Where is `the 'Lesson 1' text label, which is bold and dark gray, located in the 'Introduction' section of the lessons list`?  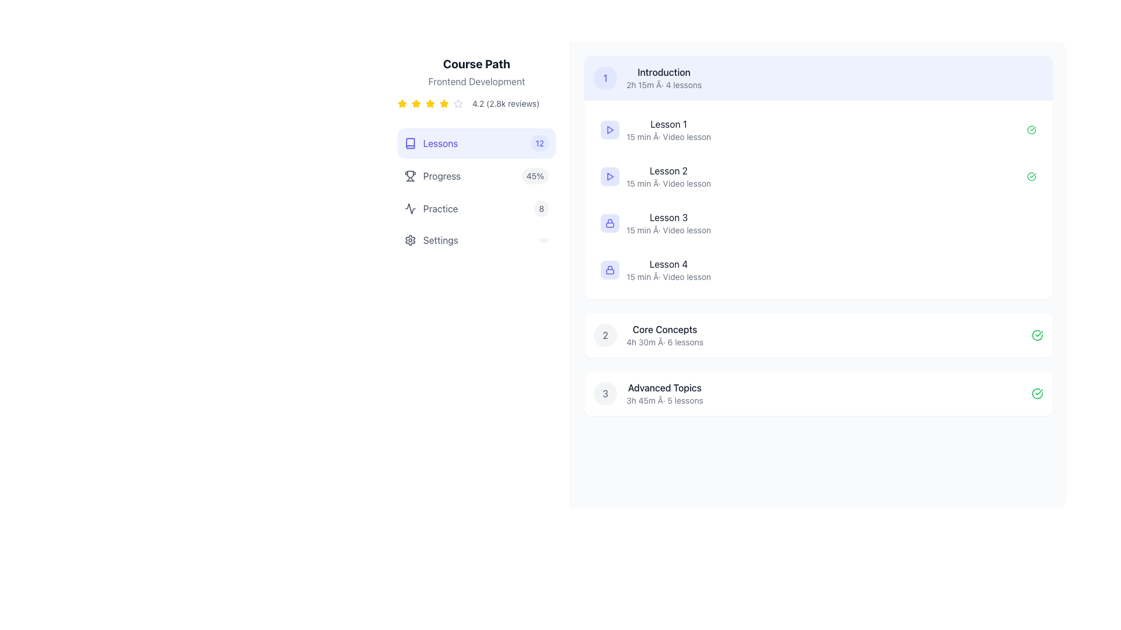
the 'Lesson 1' text label, which is bold and dark gray, located in the 'Introduction' section of the lessons list is located at coordinates (669, 124).